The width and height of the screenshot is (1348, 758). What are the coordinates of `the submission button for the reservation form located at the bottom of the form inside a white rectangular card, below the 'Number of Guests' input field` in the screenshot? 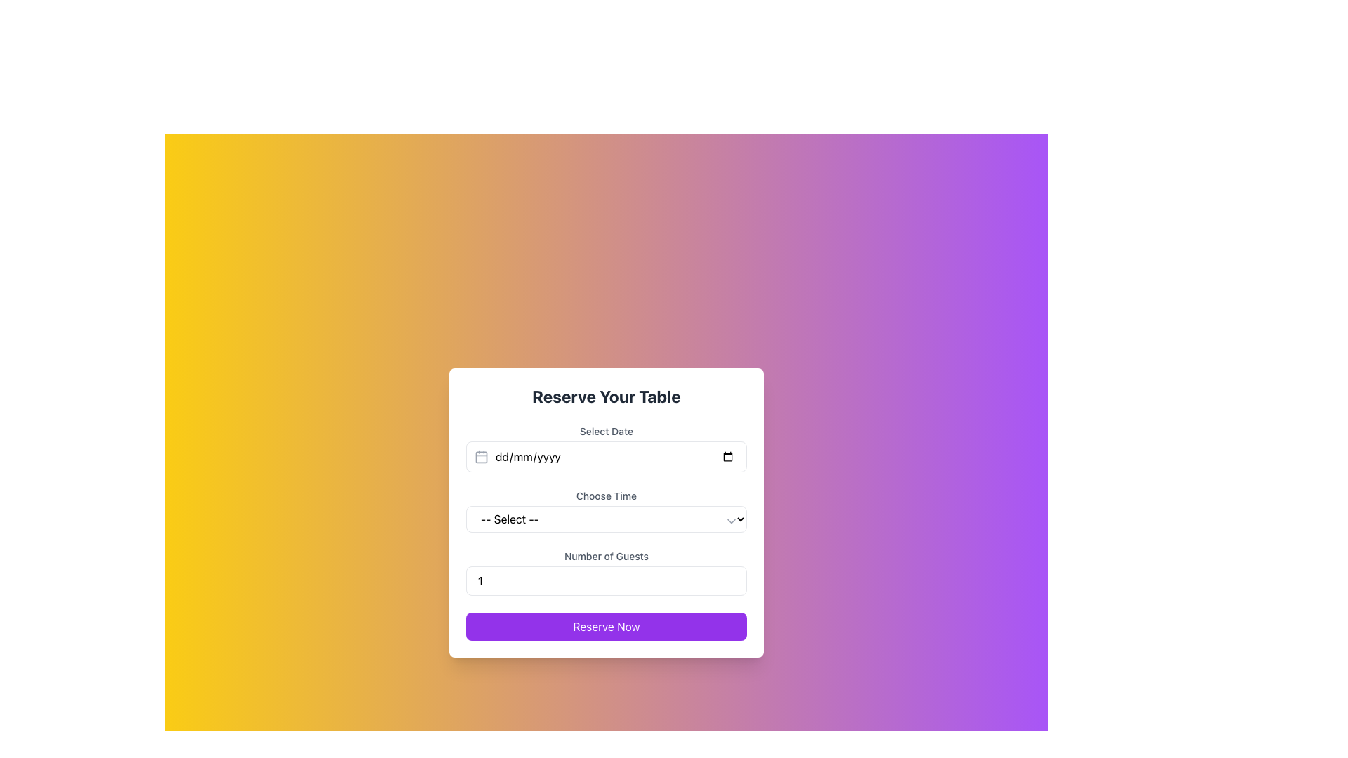 It's located at (607, 626).